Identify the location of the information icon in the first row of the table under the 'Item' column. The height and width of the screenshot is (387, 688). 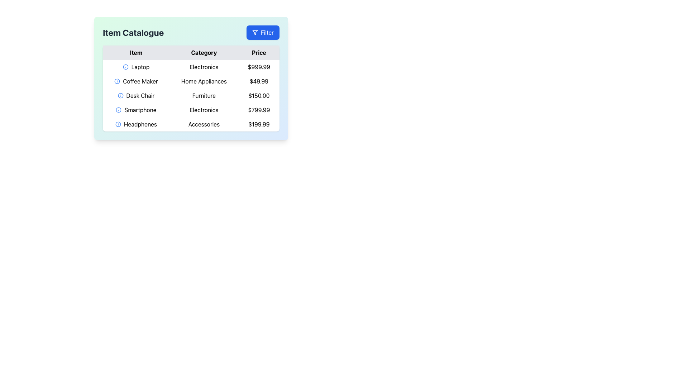
(136, 67).